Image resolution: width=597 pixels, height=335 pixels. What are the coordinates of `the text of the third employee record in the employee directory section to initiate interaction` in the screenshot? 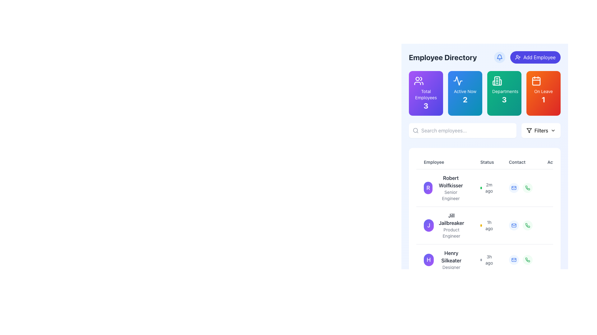 It's located at (444, 260).